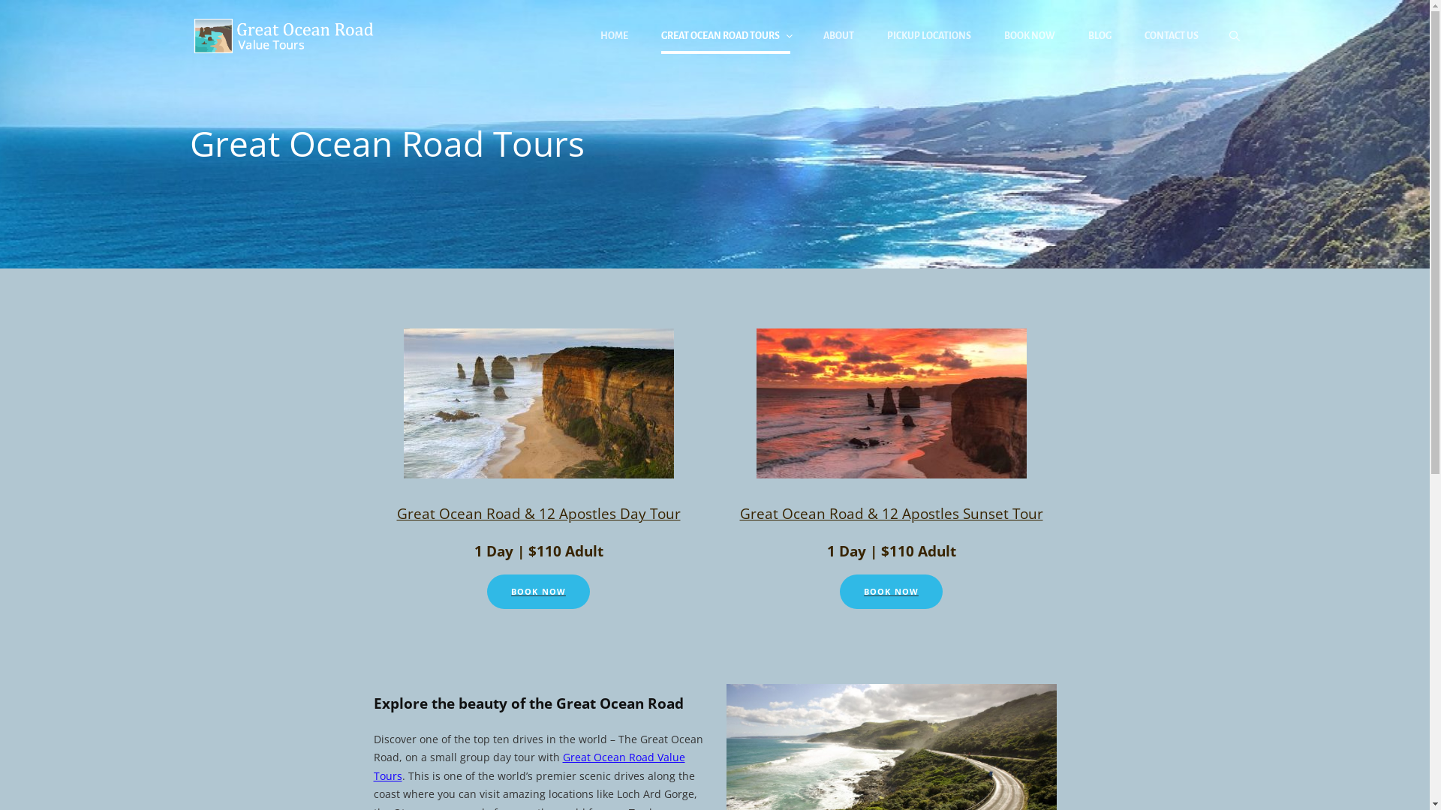  What do you see at coordinates (614, 34) in the screenshot?
I see `'HOME'` at bounding box center [614, 34].